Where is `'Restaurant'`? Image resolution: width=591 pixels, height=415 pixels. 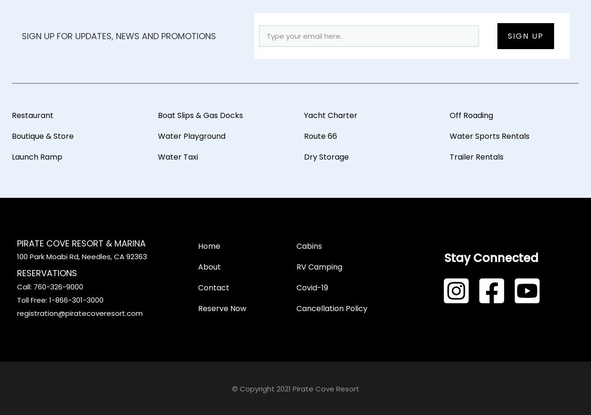 'Restaurant' is located at coordinates (32, 115).